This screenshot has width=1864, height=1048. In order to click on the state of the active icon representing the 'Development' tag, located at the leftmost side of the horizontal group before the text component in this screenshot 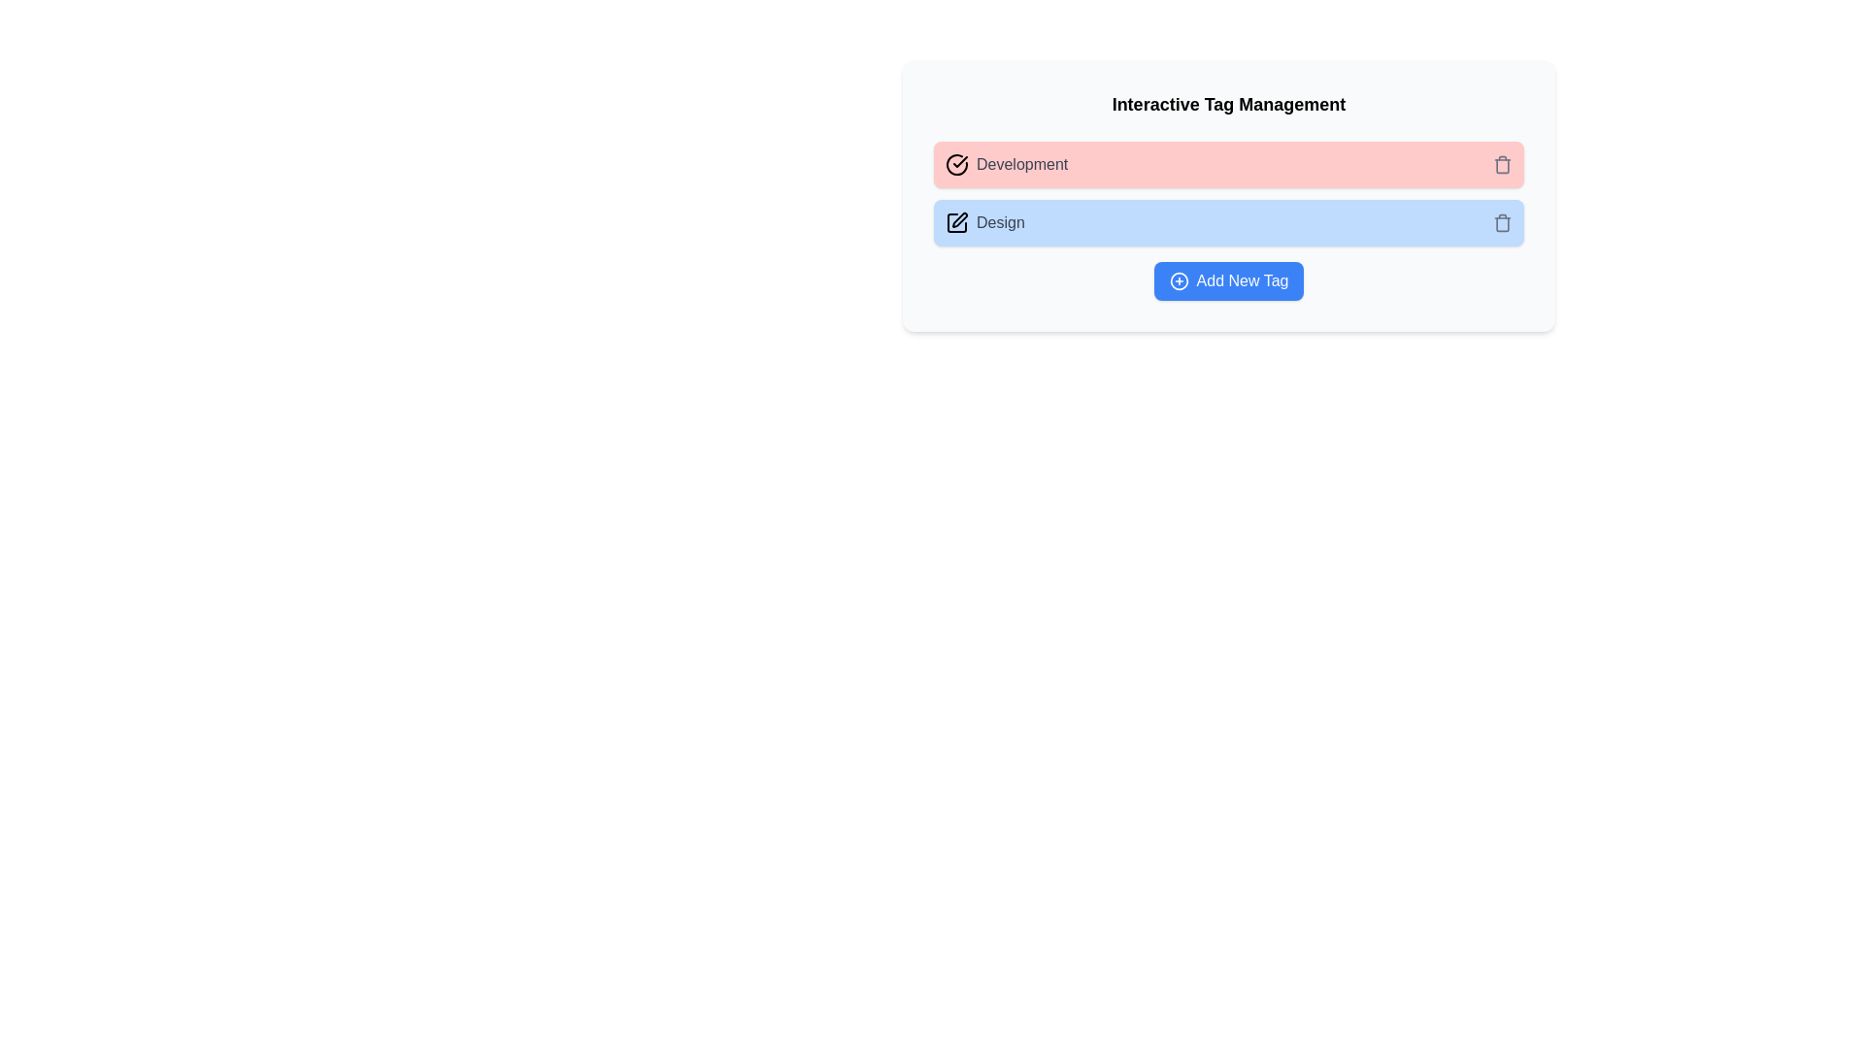, I will do `click(956, 163)`.